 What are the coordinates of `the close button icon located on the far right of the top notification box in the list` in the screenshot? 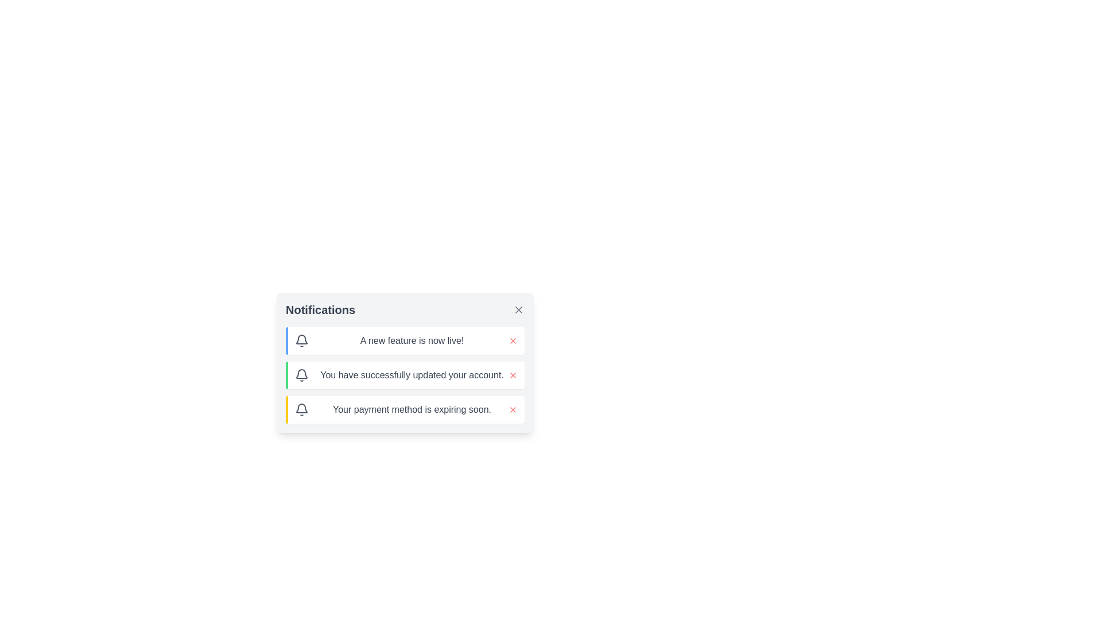 It's located at (518, 310).